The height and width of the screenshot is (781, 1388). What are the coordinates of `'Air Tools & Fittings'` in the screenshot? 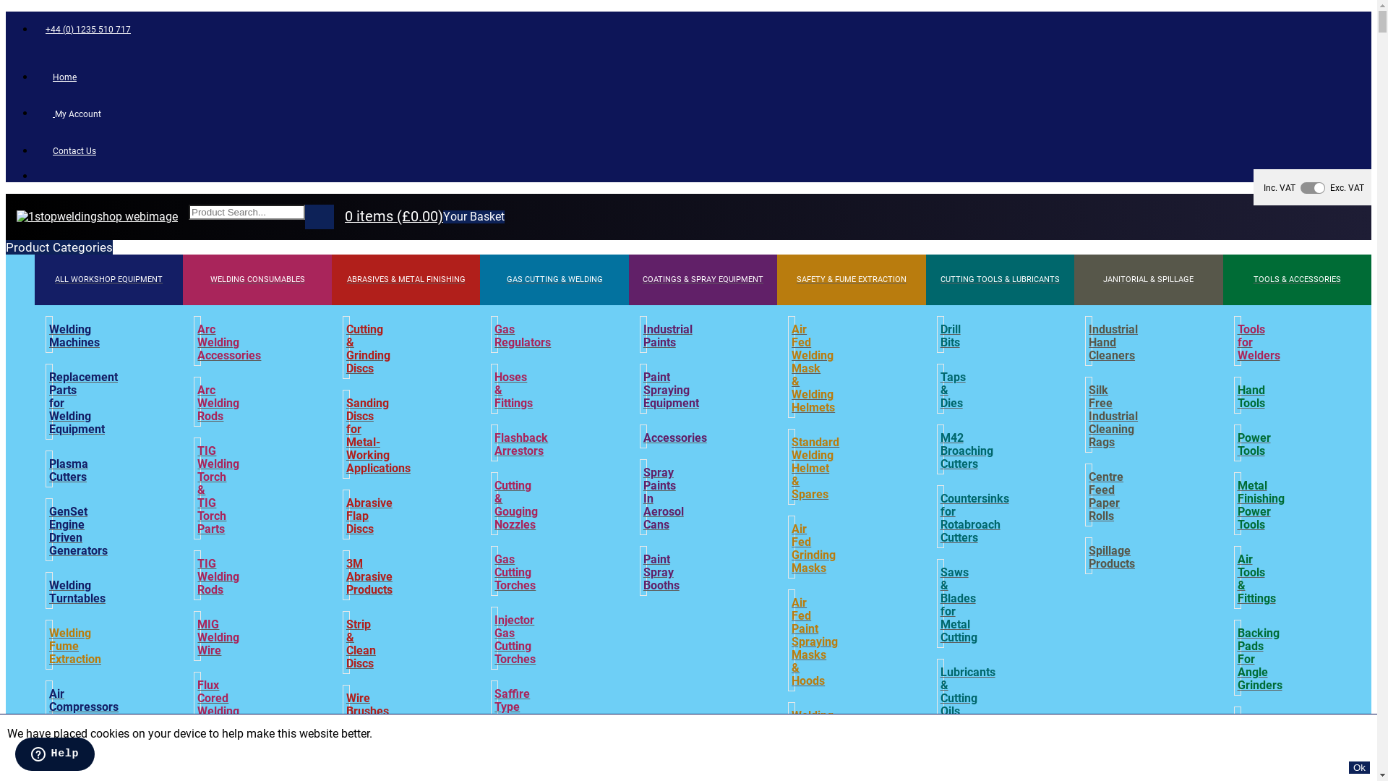 It's located at (1256, 579).